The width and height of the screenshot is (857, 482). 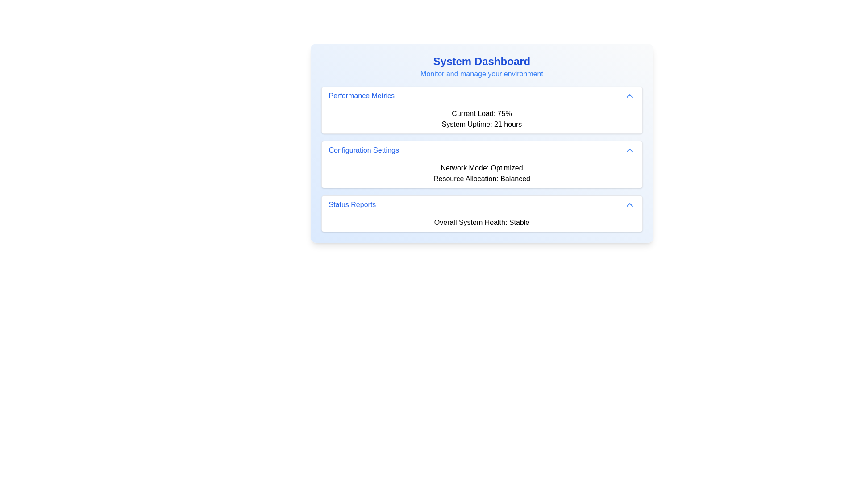 What do you see at coordinates (481, 118) in the screenshot?
I see `the Informational text block located in the 'Performance Metrics' section of the dashboard interface, which provides status information about the system load and uptime` at bounding box center [481, 118].